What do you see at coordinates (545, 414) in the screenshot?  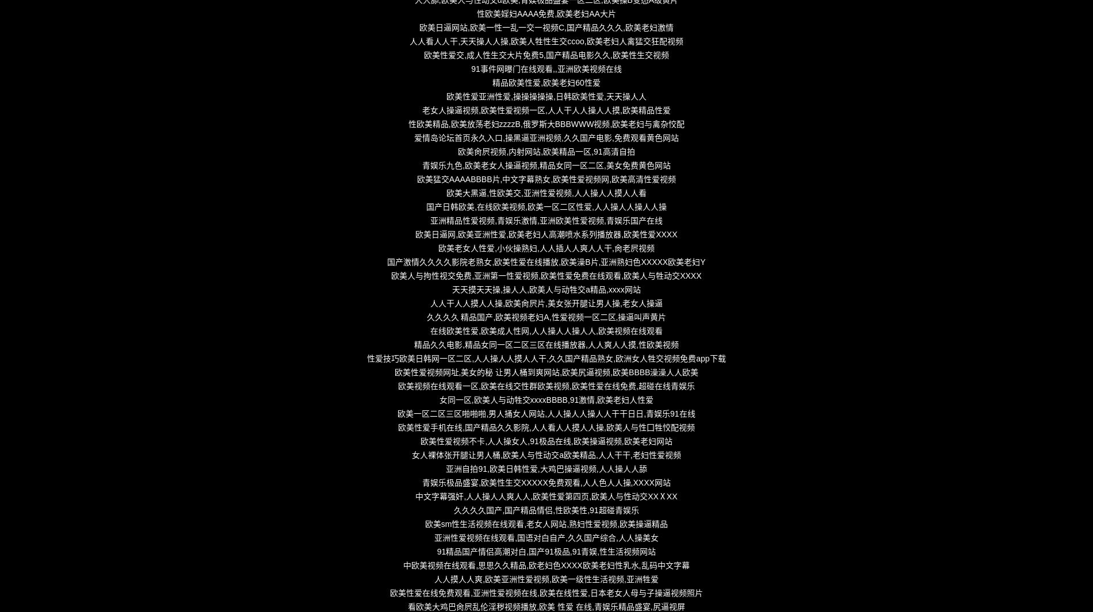 I see `'欧美一区二区三区啪啪啪,男人捅女人网站,人人操人人操人人干干日日,青娱乐91在线'` at bounding box center [545, 414].